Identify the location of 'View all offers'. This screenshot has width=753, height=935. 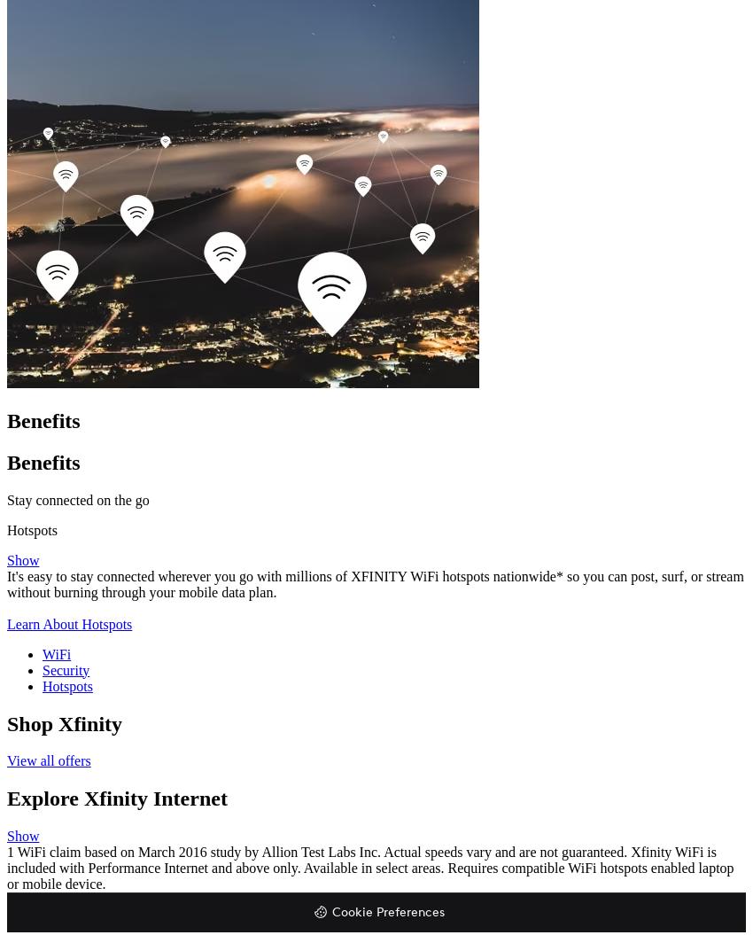
(5, 760).